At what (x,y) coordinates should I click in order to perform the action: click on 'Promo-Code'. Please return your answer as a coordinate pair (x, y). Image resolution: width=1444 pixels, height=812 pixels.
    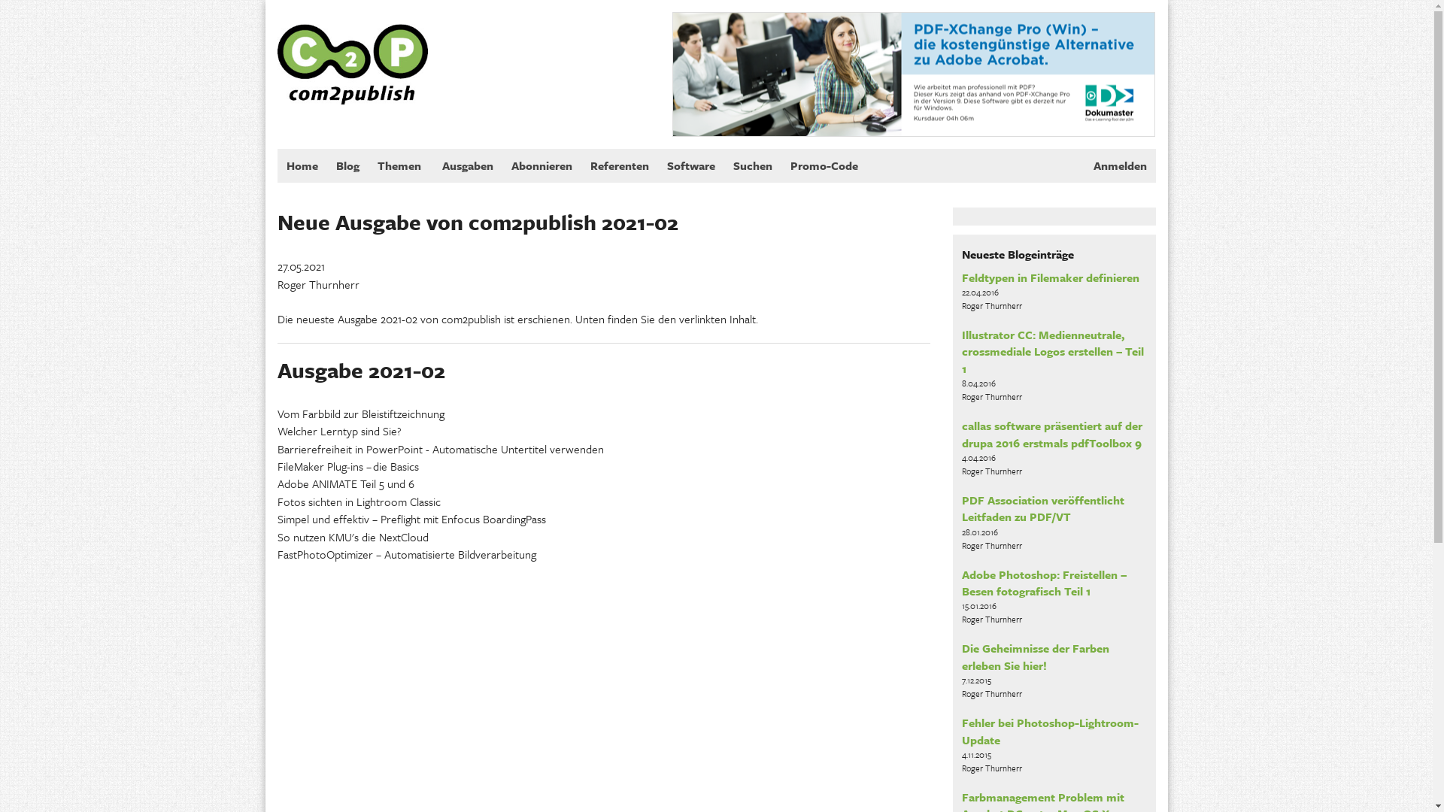
    Looking at the image, I should click on (822, 165).